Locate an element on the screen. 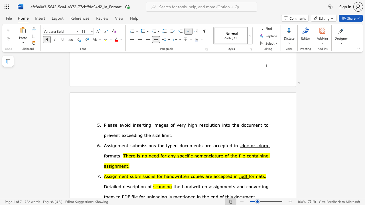 The image size is (365, 205). the subset text "ent to" within the text "resolution into the document to" is located at coordinates (255, 124).